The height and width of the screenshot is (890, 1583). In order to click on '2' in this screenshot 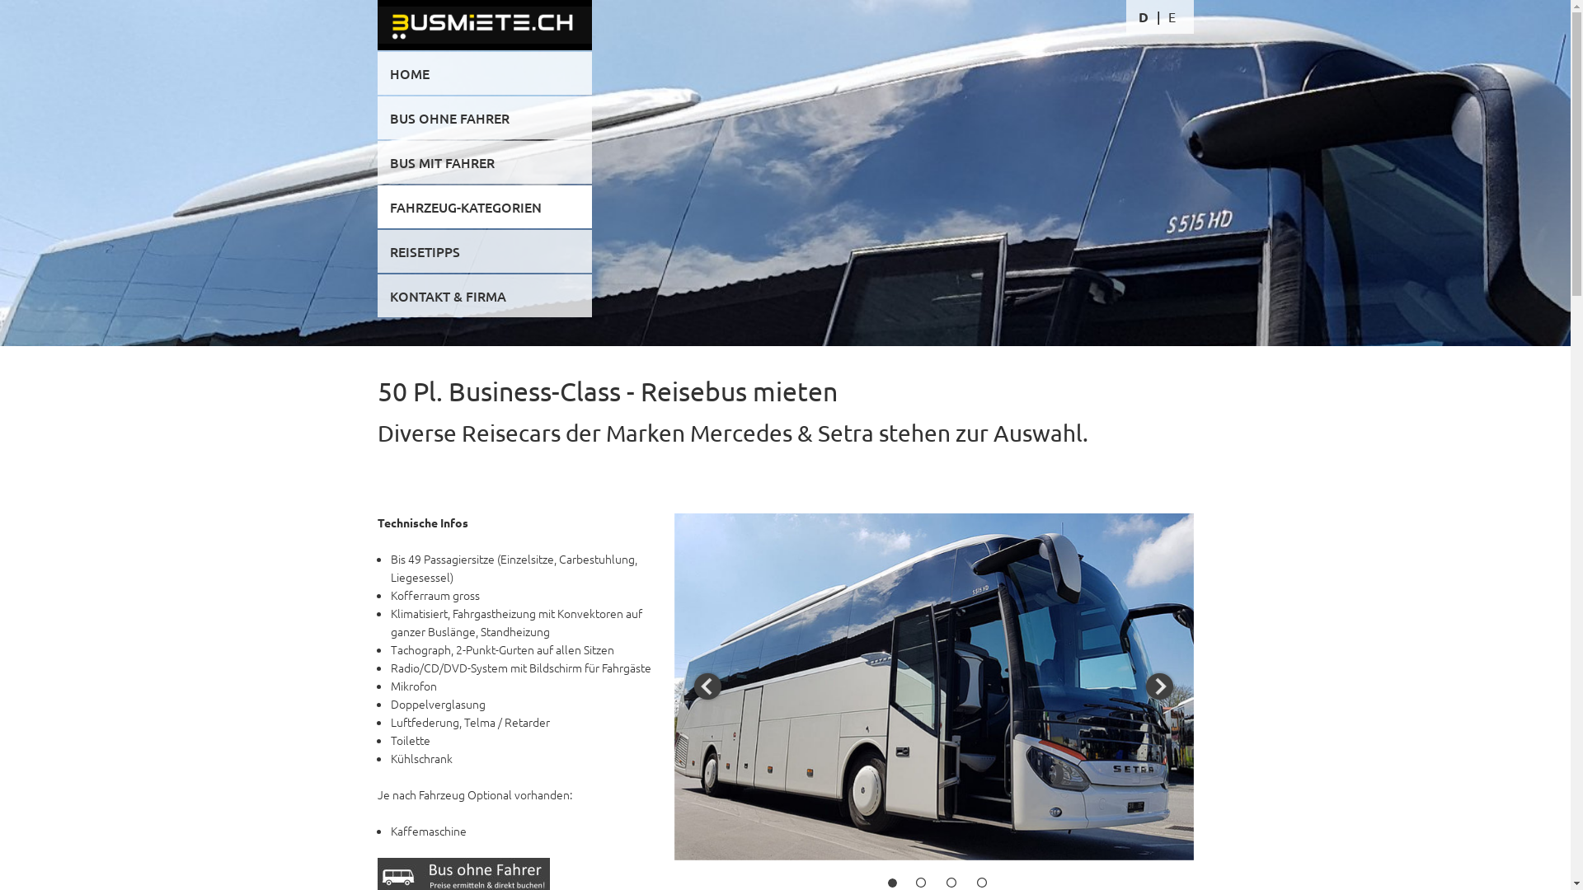, I will do `click(920, 881)`.